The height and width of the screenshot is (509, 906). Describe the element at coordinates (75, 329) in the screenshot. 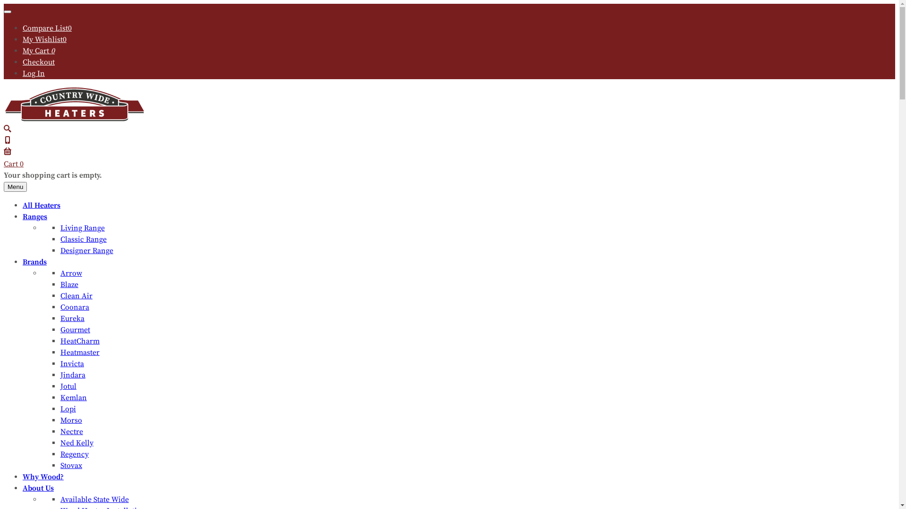

I see `'Gourmet'` at that location.